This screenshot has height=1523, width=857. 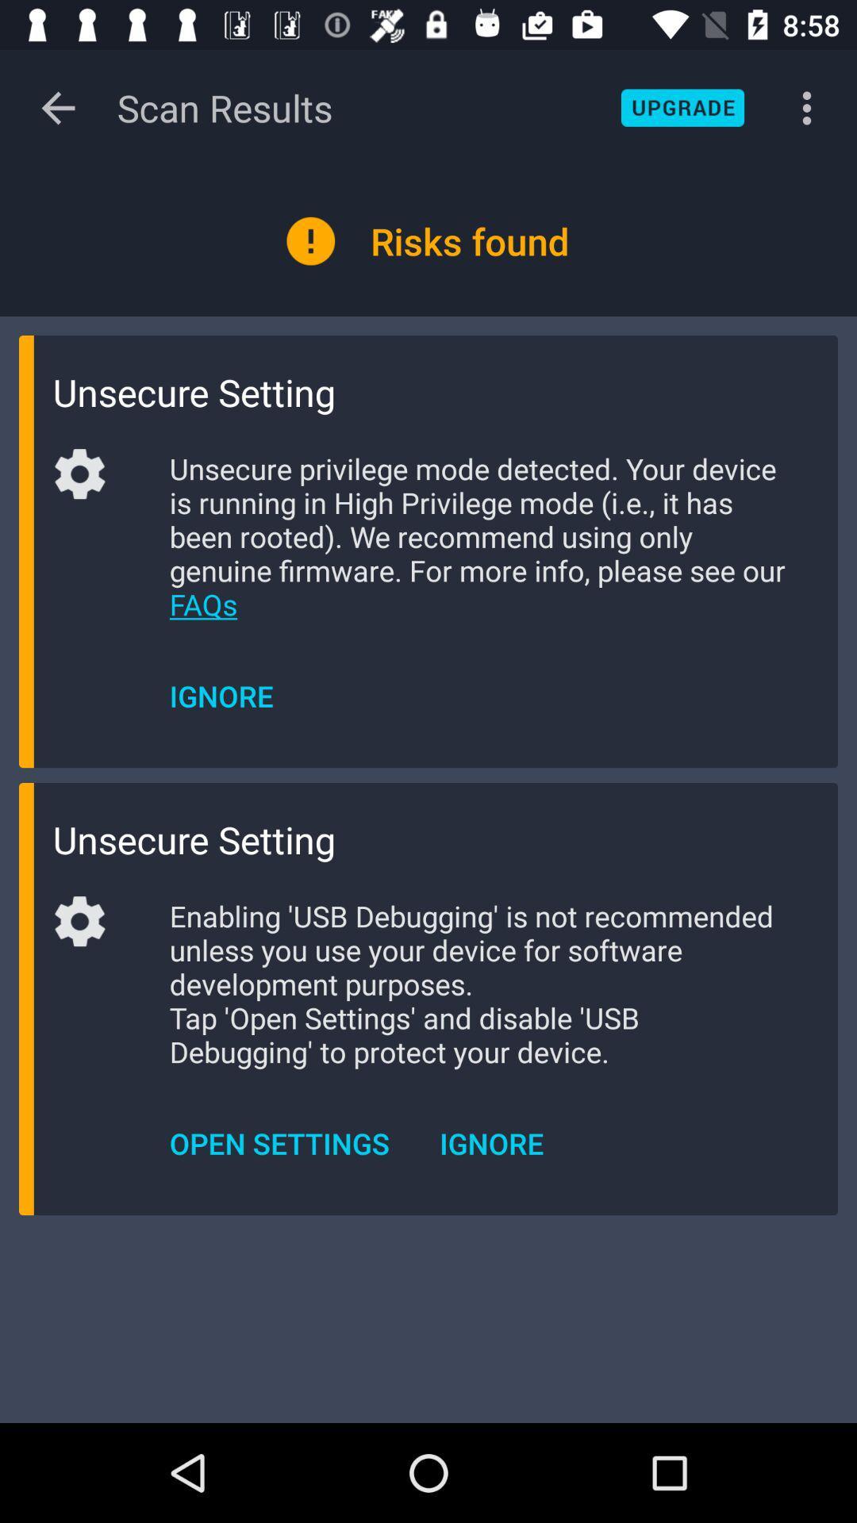 I want to click on the blue button which is on the top right side of the page, so click(x=682, y=106).